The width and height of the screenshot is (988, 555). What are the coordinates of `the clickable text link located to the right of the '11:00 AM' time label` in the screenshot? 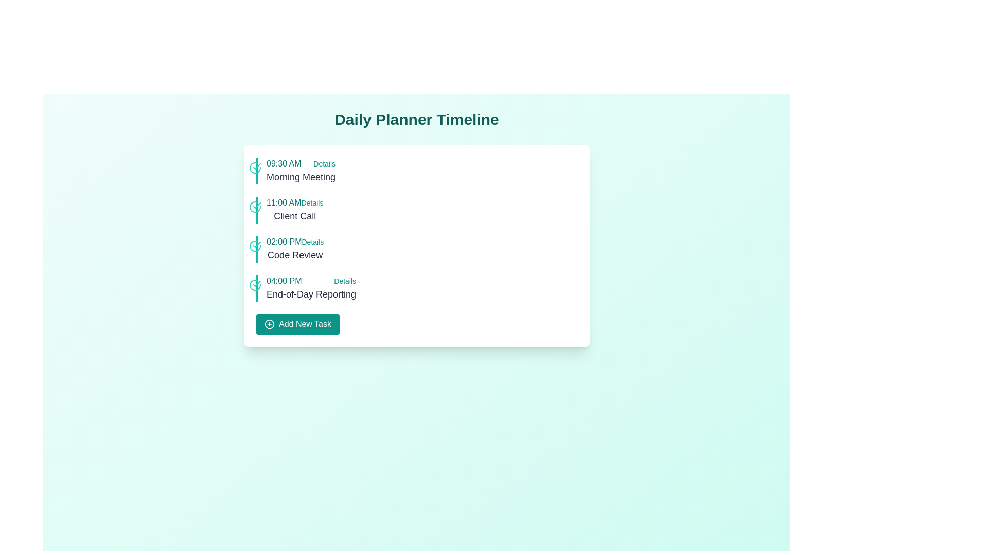 It's located at (311, 202).